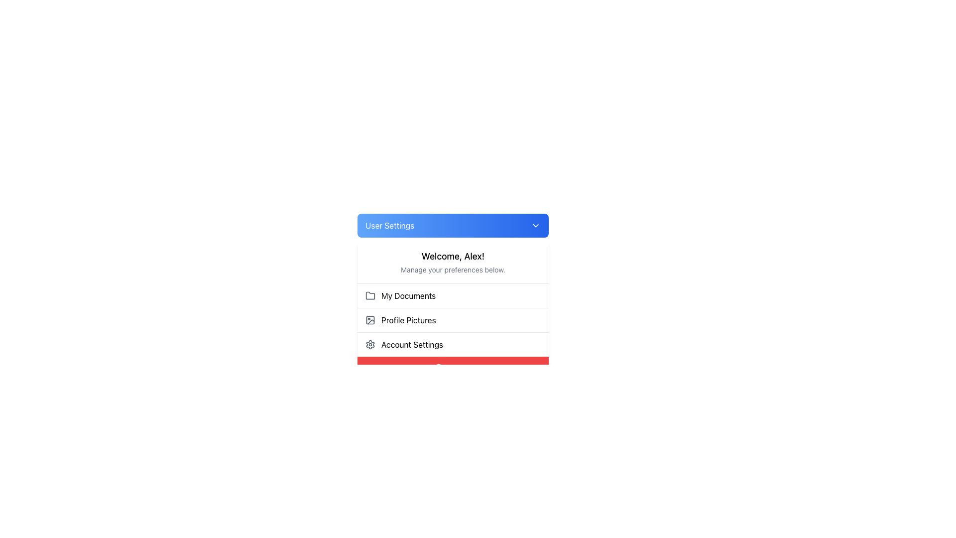  I want to click on the 'Profile Pictures' text label, which is positioned to the right of a small image icon within a clickable menu item, so click(408, 320).